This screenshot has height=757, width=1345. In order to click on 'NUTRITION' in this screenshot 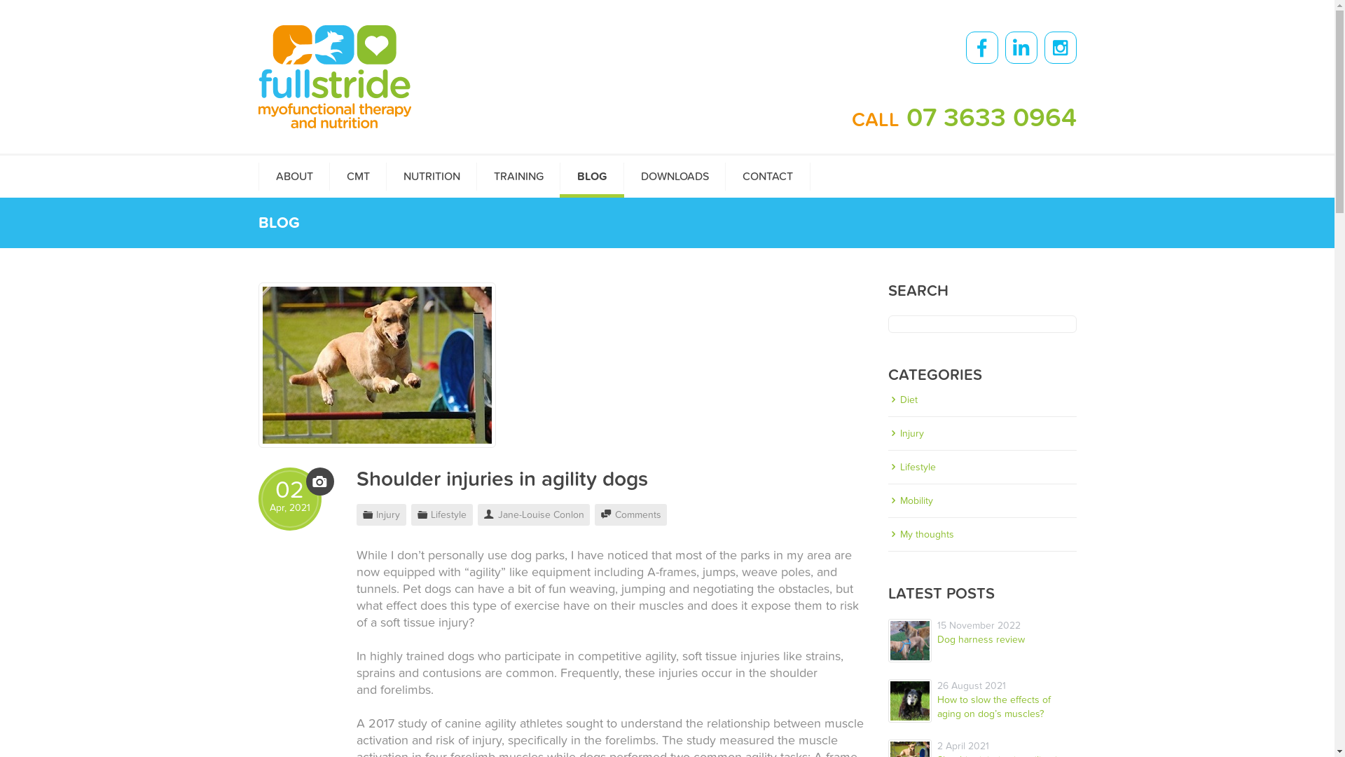, I will do `click(429, 175)`.